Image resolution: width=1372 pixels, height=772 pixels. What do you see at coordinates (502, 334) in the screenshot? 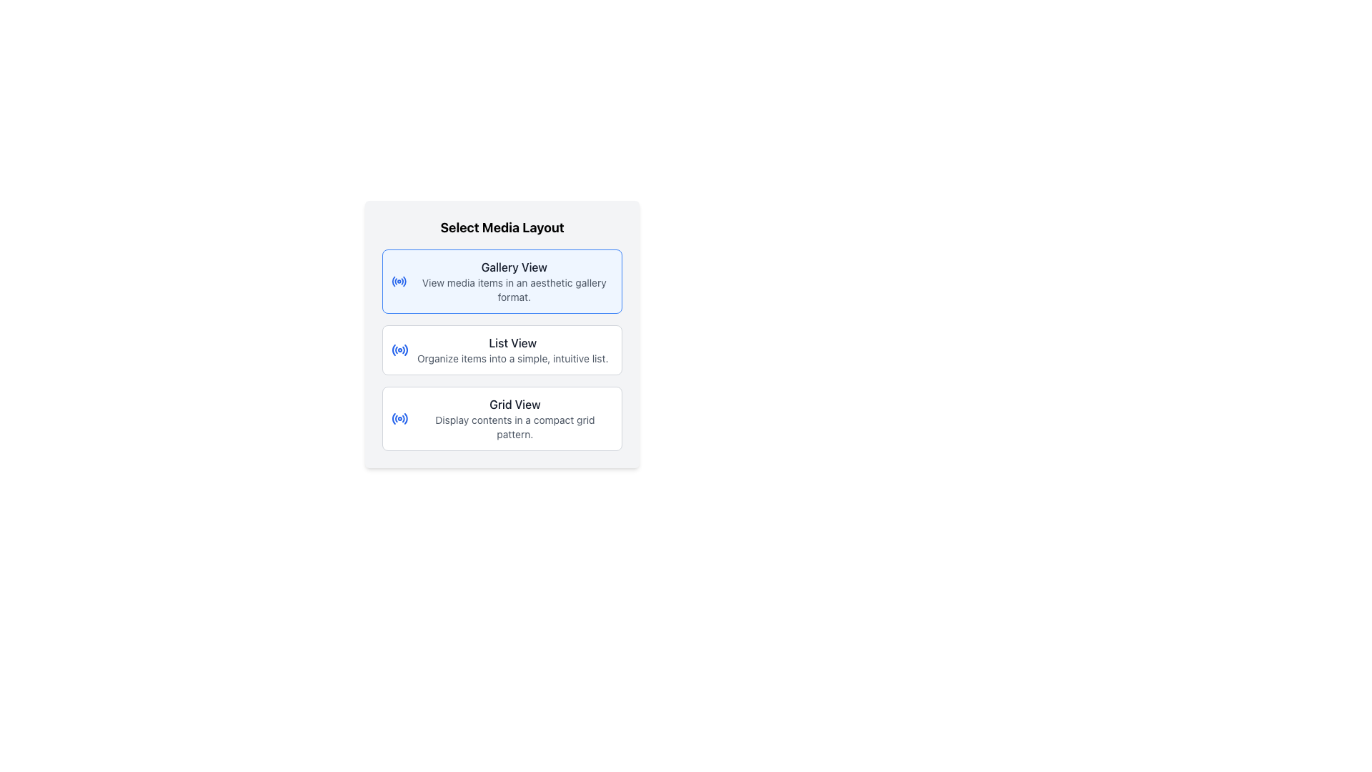
I see `the 'List View' option within the 'Select Media Layout' component for keyboard navigation` at bounding box center [502, 334].